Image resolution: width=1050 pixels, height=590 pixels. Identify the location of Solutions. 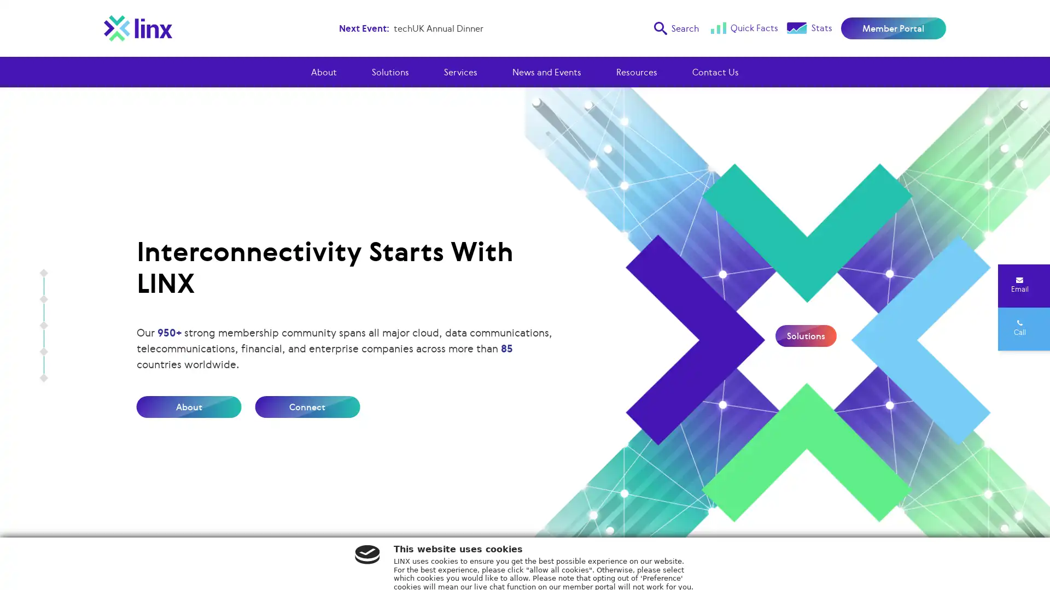
(806, 335).